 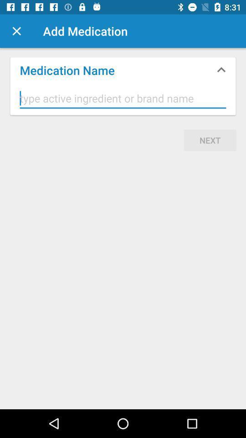 What do you see at coordinates (16, 31) in the screenshot?
I see `item to the left of the add medication icon` at bounding box center [16, 31].